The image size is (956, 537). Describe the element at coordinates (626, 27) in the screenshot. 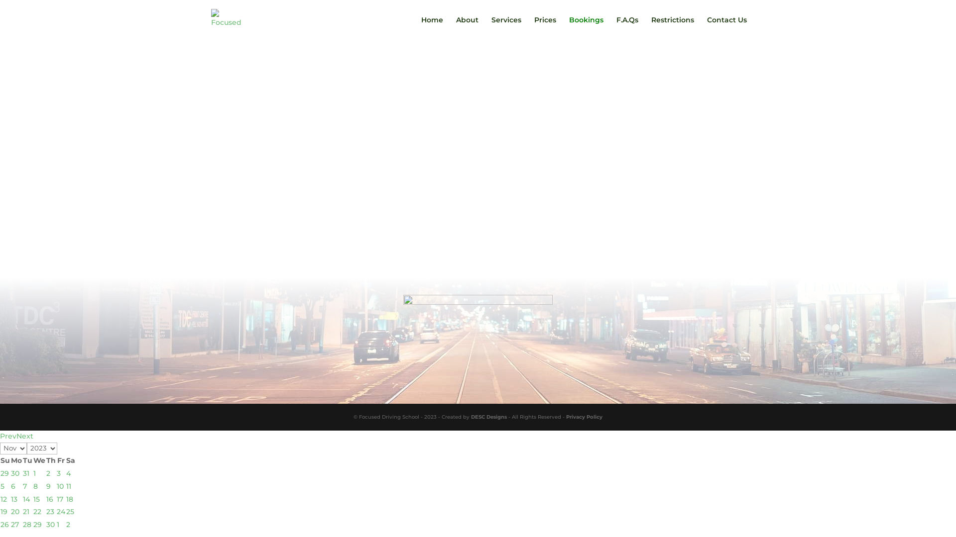

I see `'F.A.Qs'` at that location.